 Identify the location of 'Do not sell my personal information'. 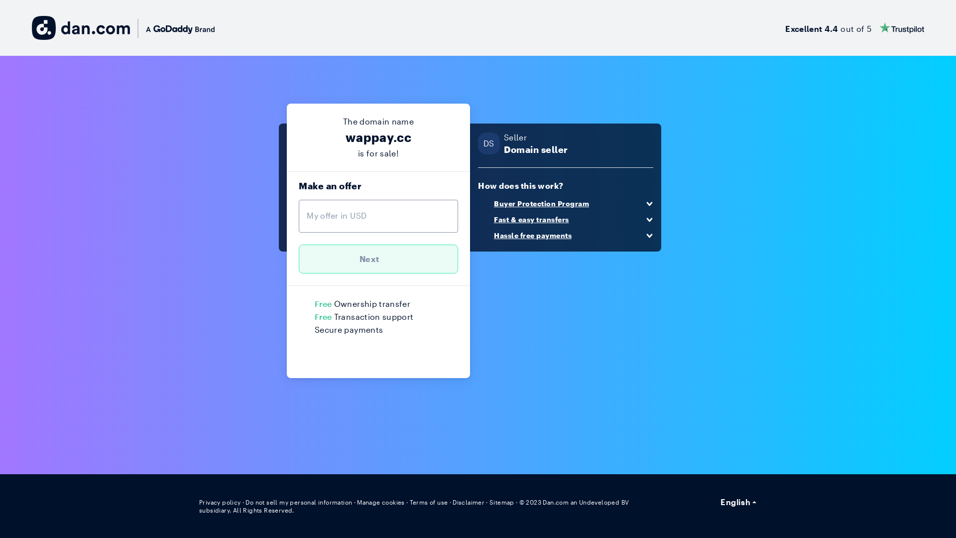
(293, 502).